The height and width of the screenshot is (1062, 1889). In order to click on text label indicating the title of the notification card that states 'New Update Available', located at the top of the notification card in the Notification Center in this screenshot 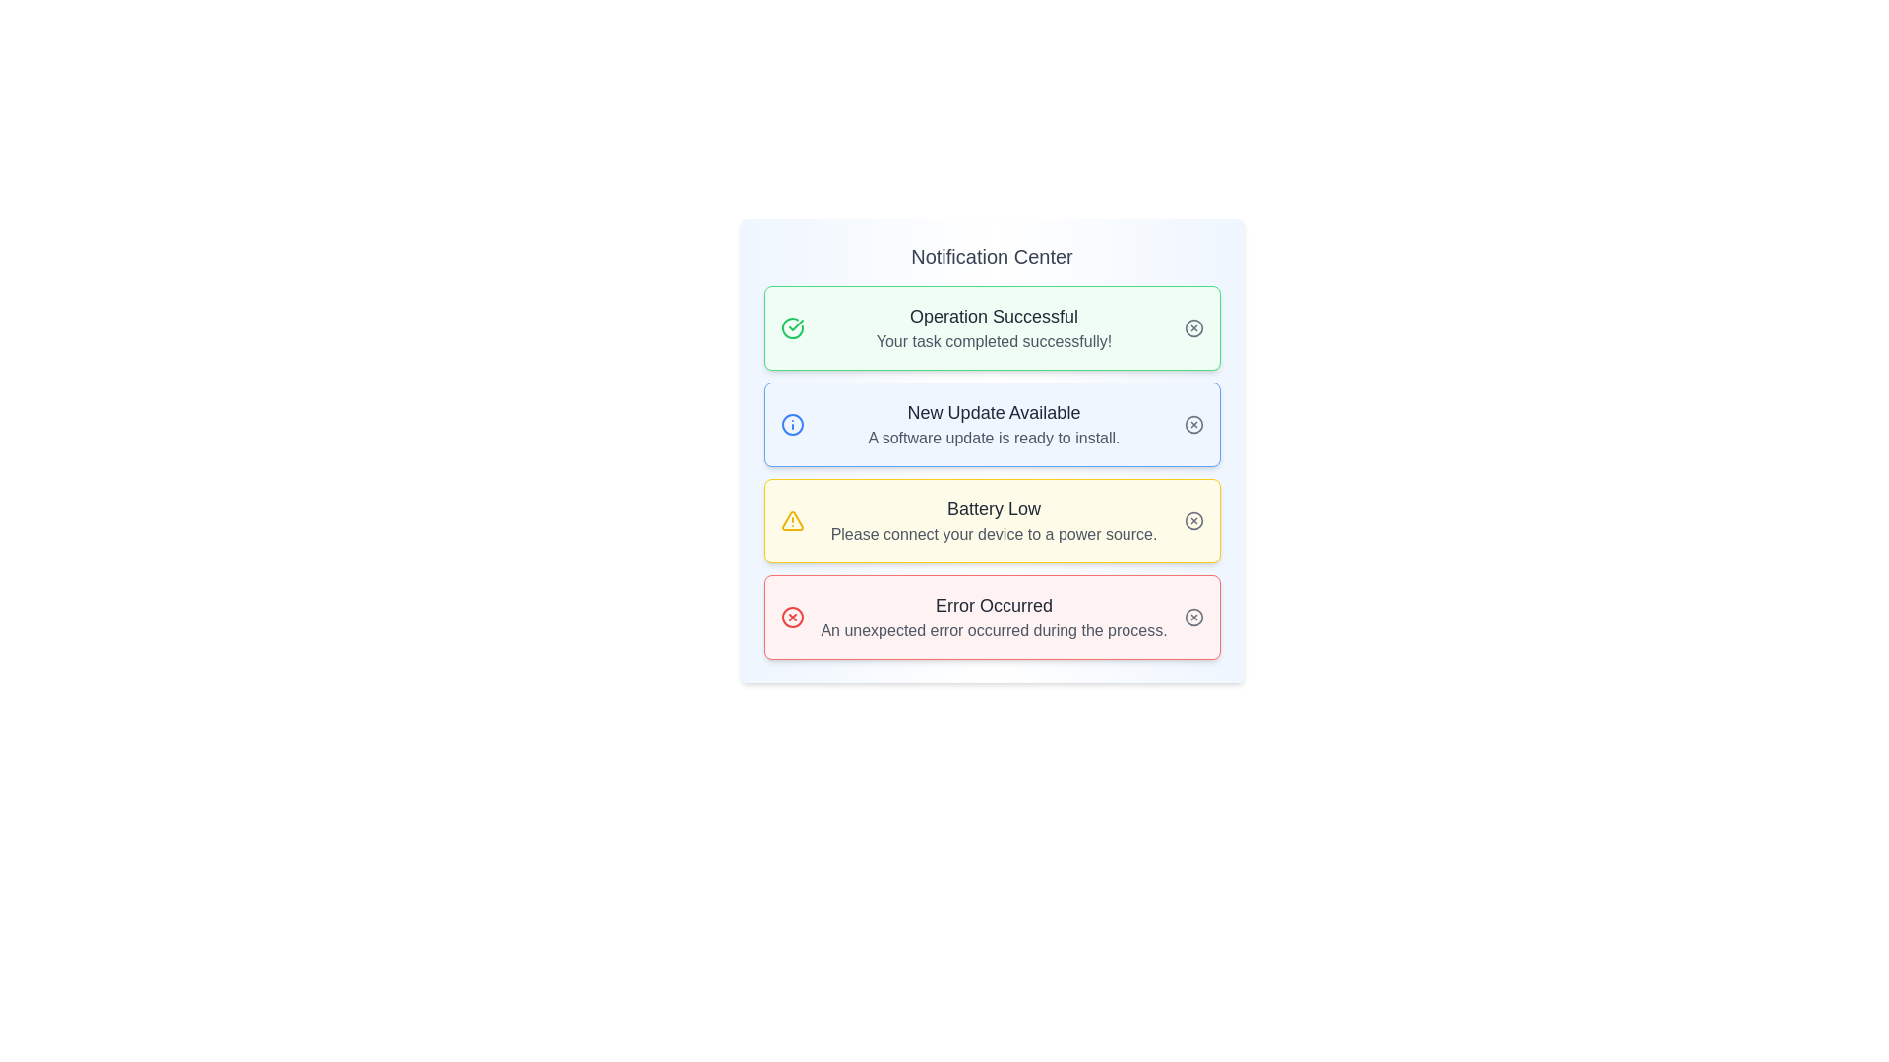, I will do `click(994, 412)`.